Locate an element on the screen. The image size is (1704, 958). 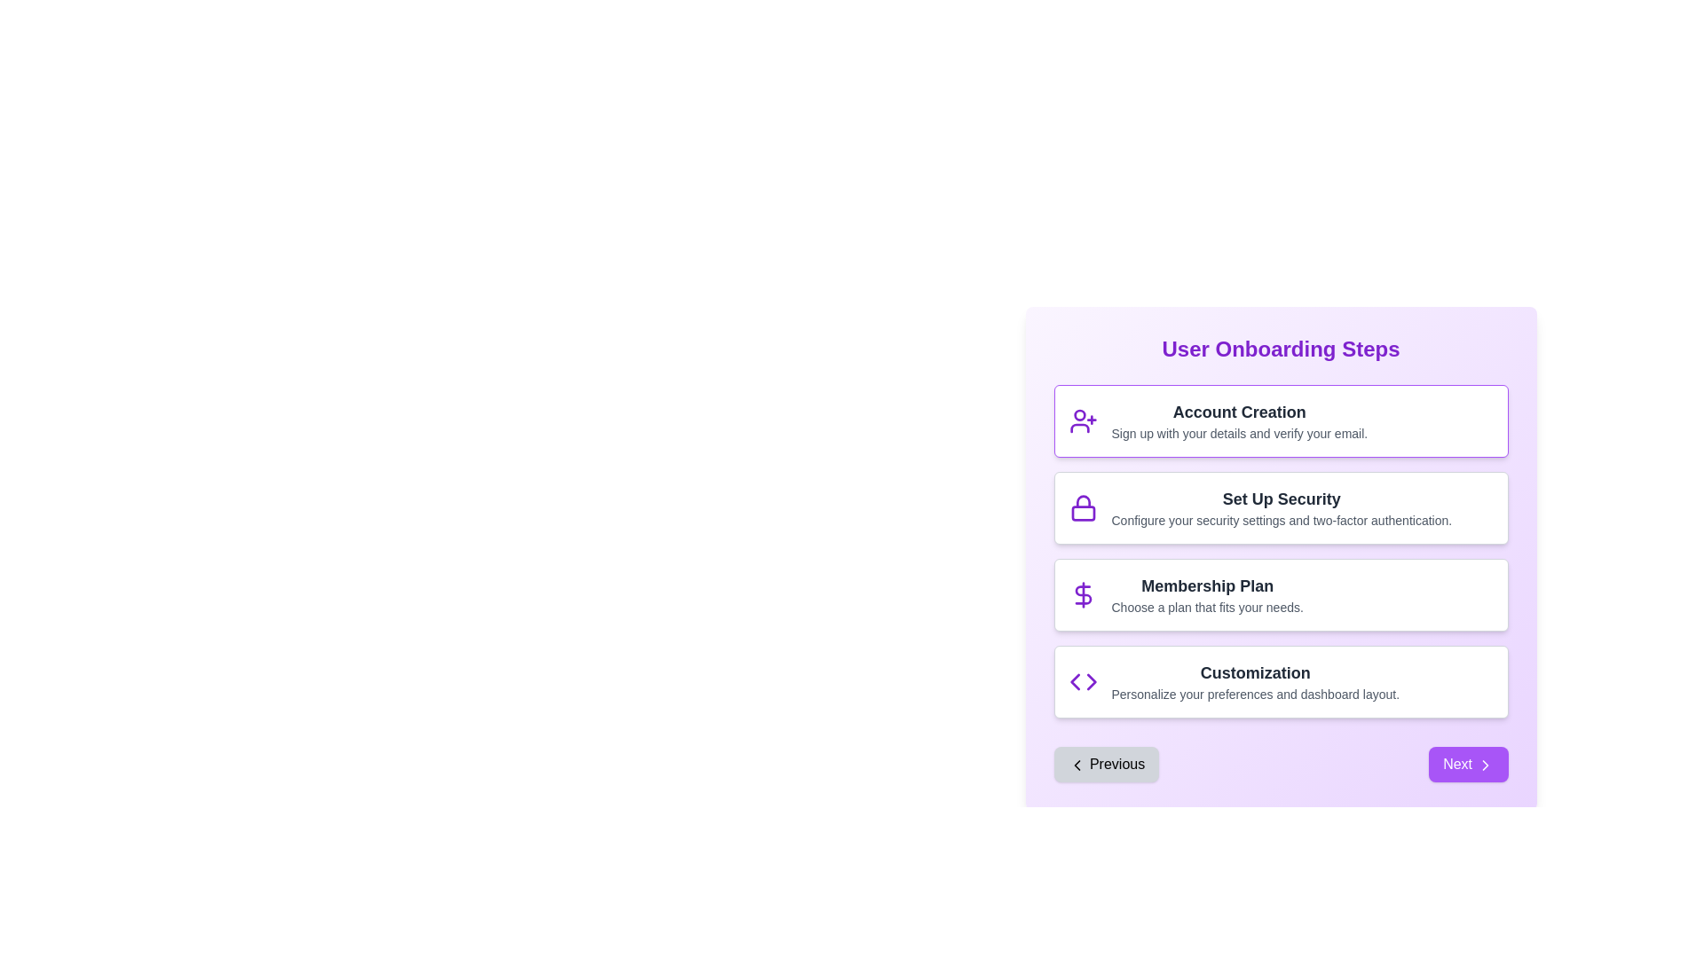
the Information Card, which is the fourth item in the vertical list of onboarding cards, located below 'Membership Plan' in the 'User Onboarding Steps' section is located at coordinates (1281, 680).